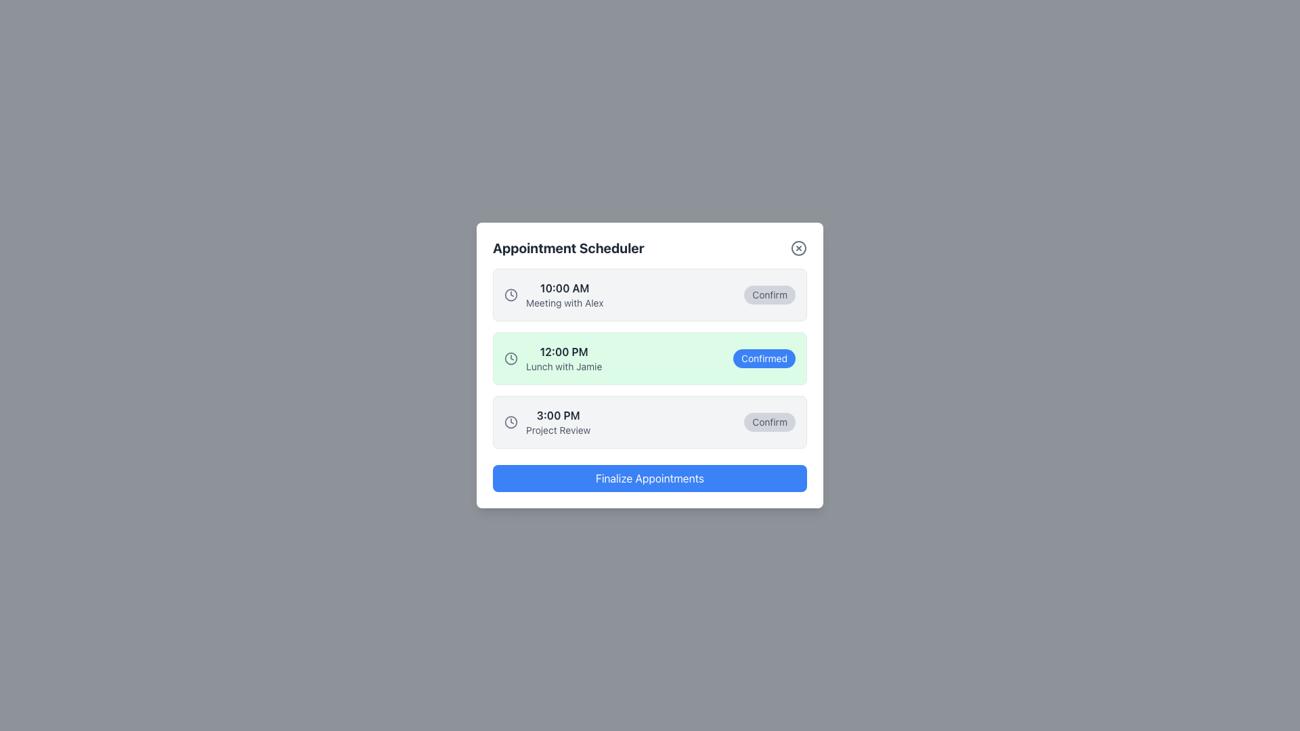  Describe the element at coordinates (558, 422) in the screenshot. I see `event information displayed in the third entry of the vertical list, which represents a scheduled 'Project Review' meeting` at that location.